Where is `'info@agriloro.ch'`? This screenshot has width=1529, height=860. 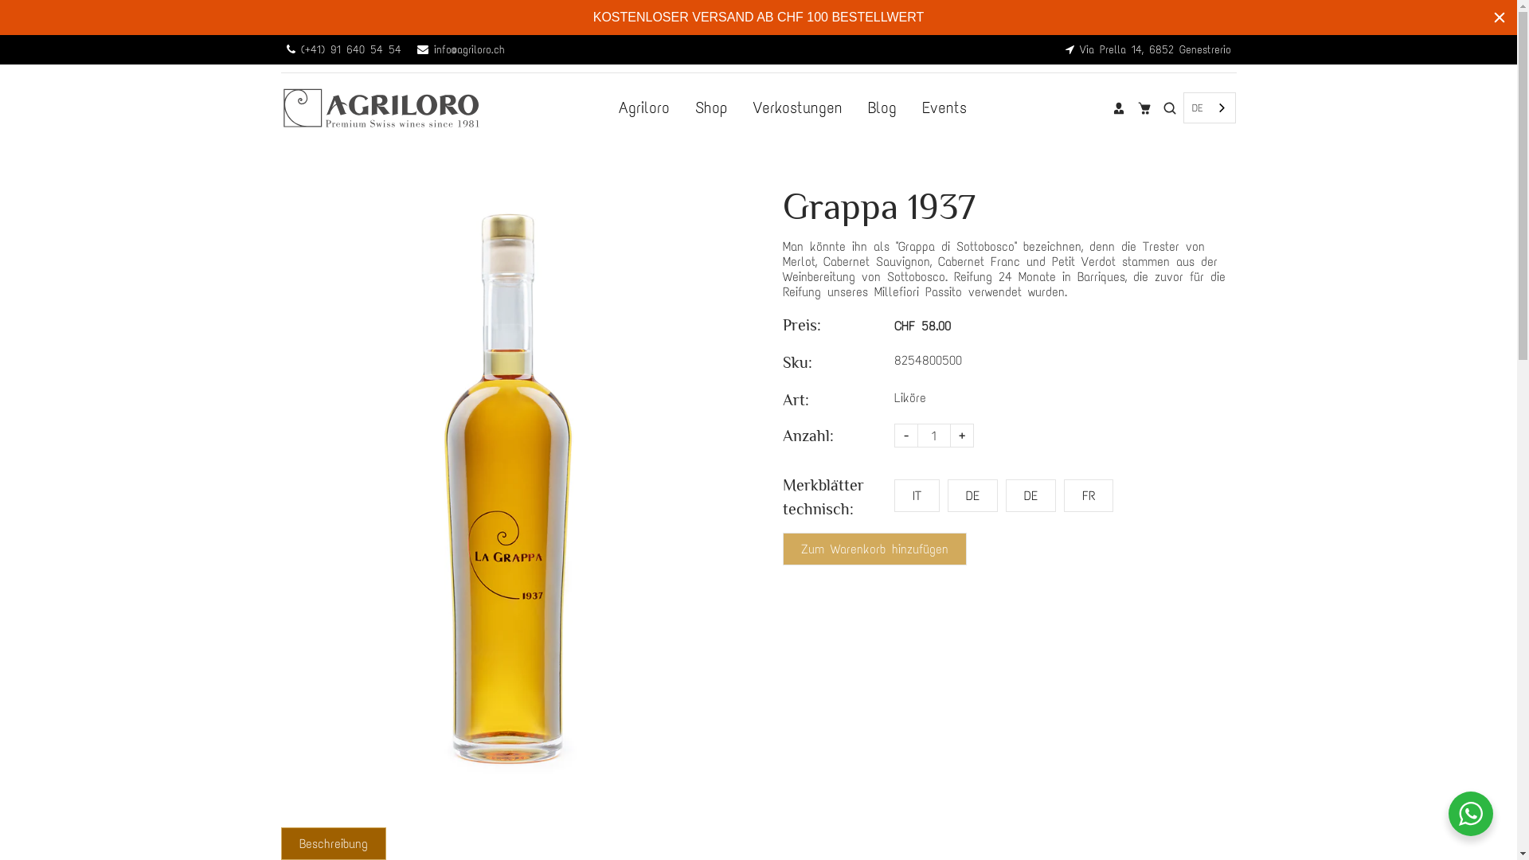 'info@agriloro.ch' is located at coordinates (460, 49).